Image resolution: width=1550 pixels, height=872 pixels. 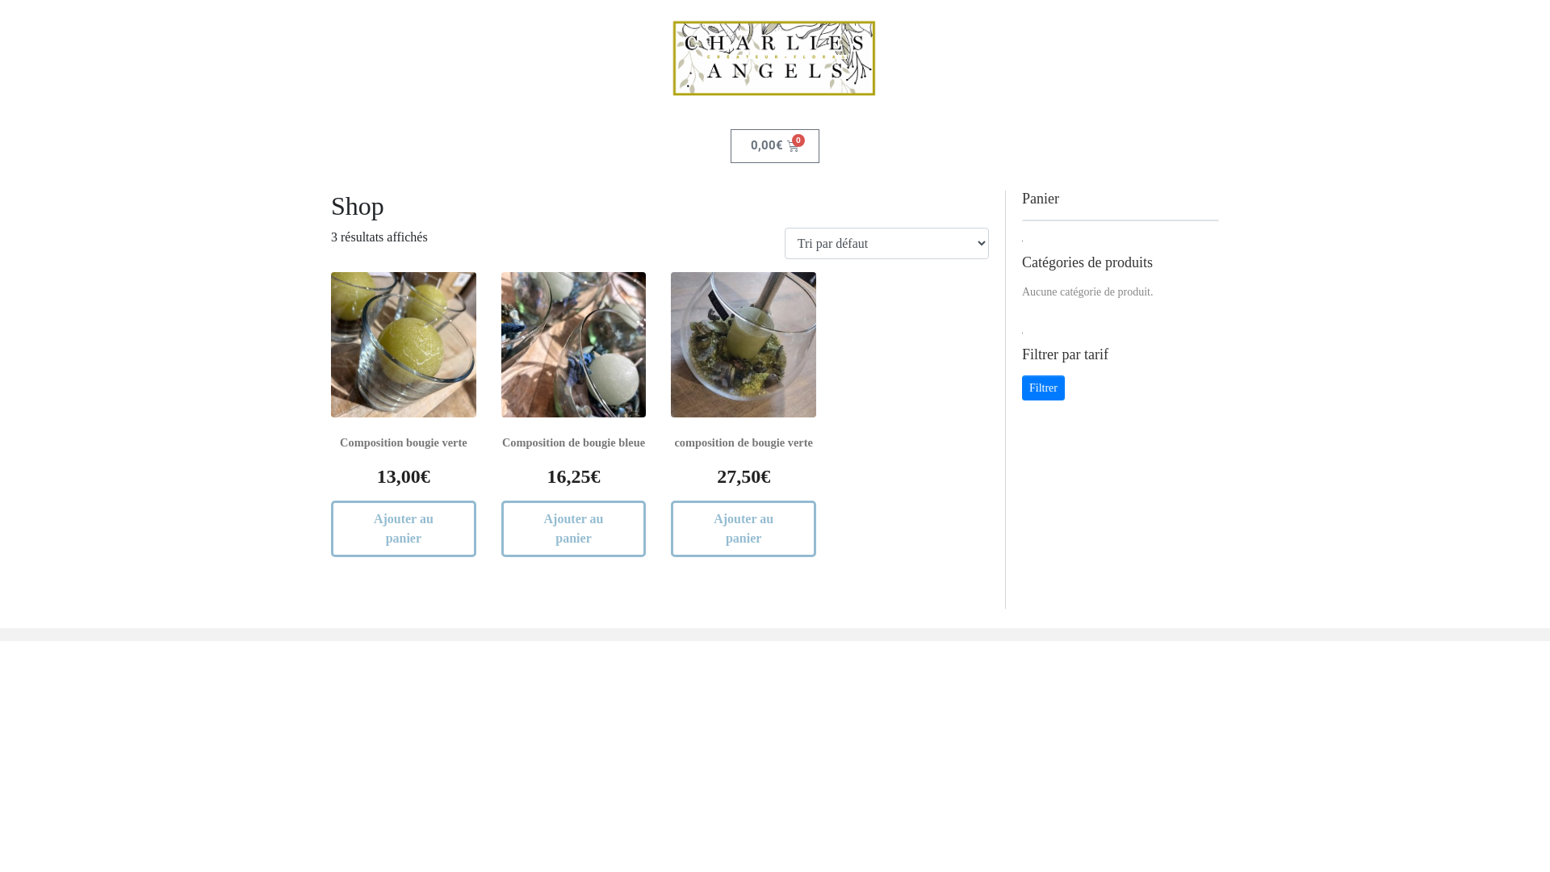 What do you see at coordinates (403, 529) in the screenshot?
I see `'Ajouter au panier'` at bounding box center [403, 529].